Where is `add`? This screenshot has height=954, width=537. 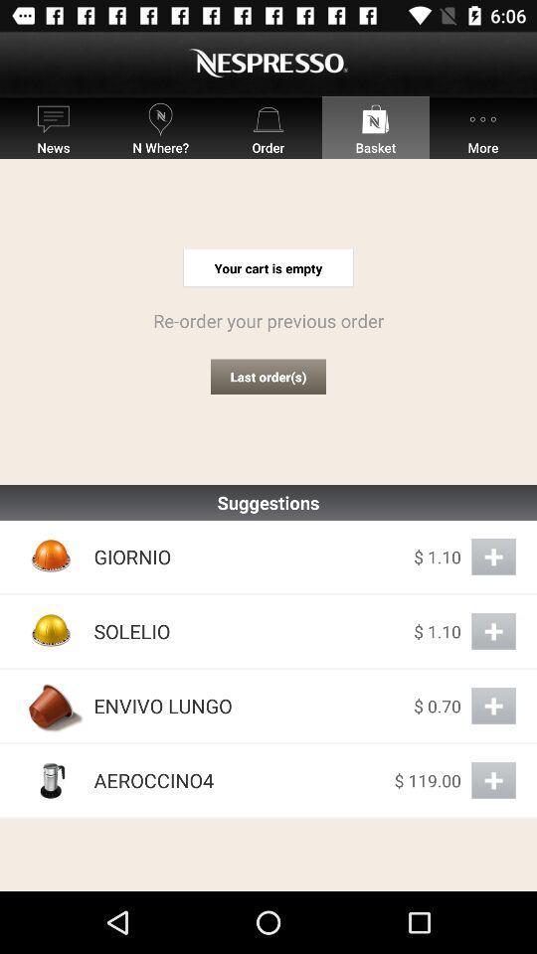 add is located at coordinates (492, 780).